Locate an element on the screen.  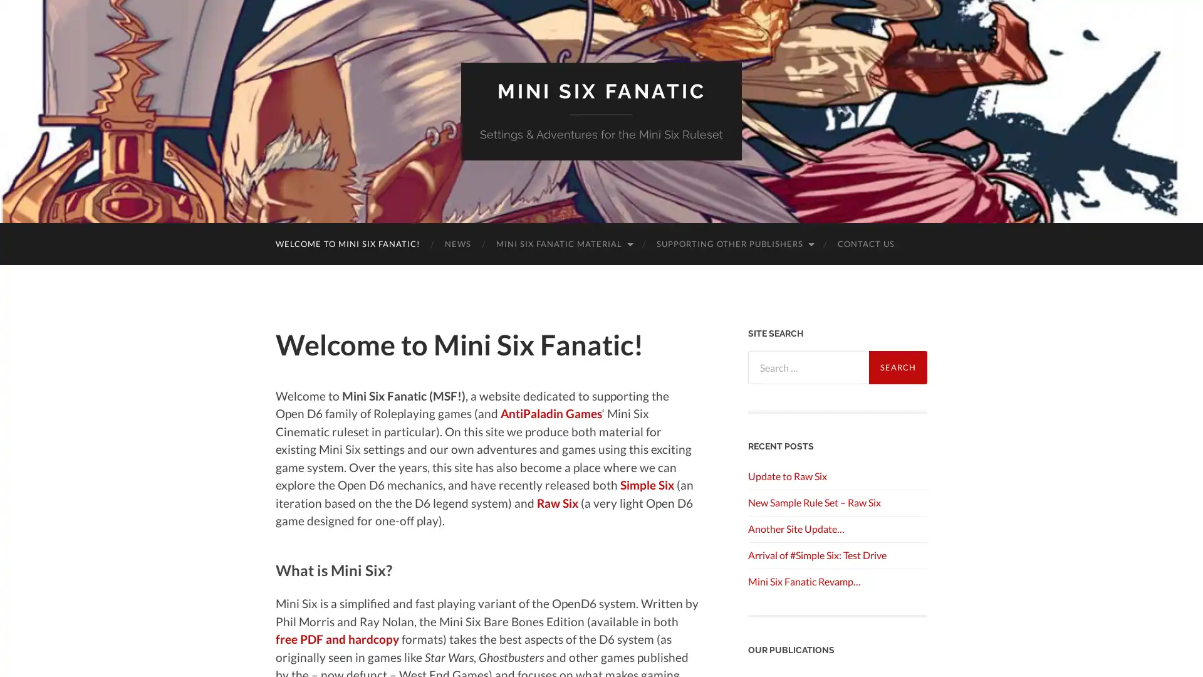
Search is located at coordinates (897, 367).